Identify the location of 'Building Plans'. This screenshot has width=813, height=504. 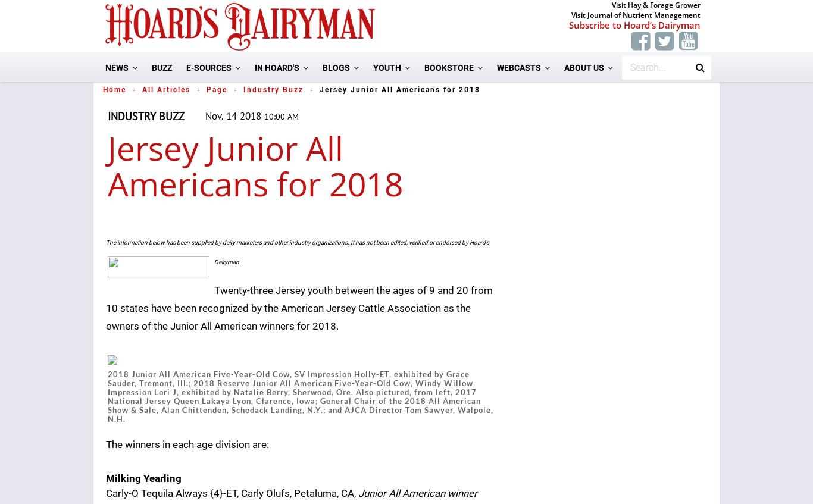
(437, 394).